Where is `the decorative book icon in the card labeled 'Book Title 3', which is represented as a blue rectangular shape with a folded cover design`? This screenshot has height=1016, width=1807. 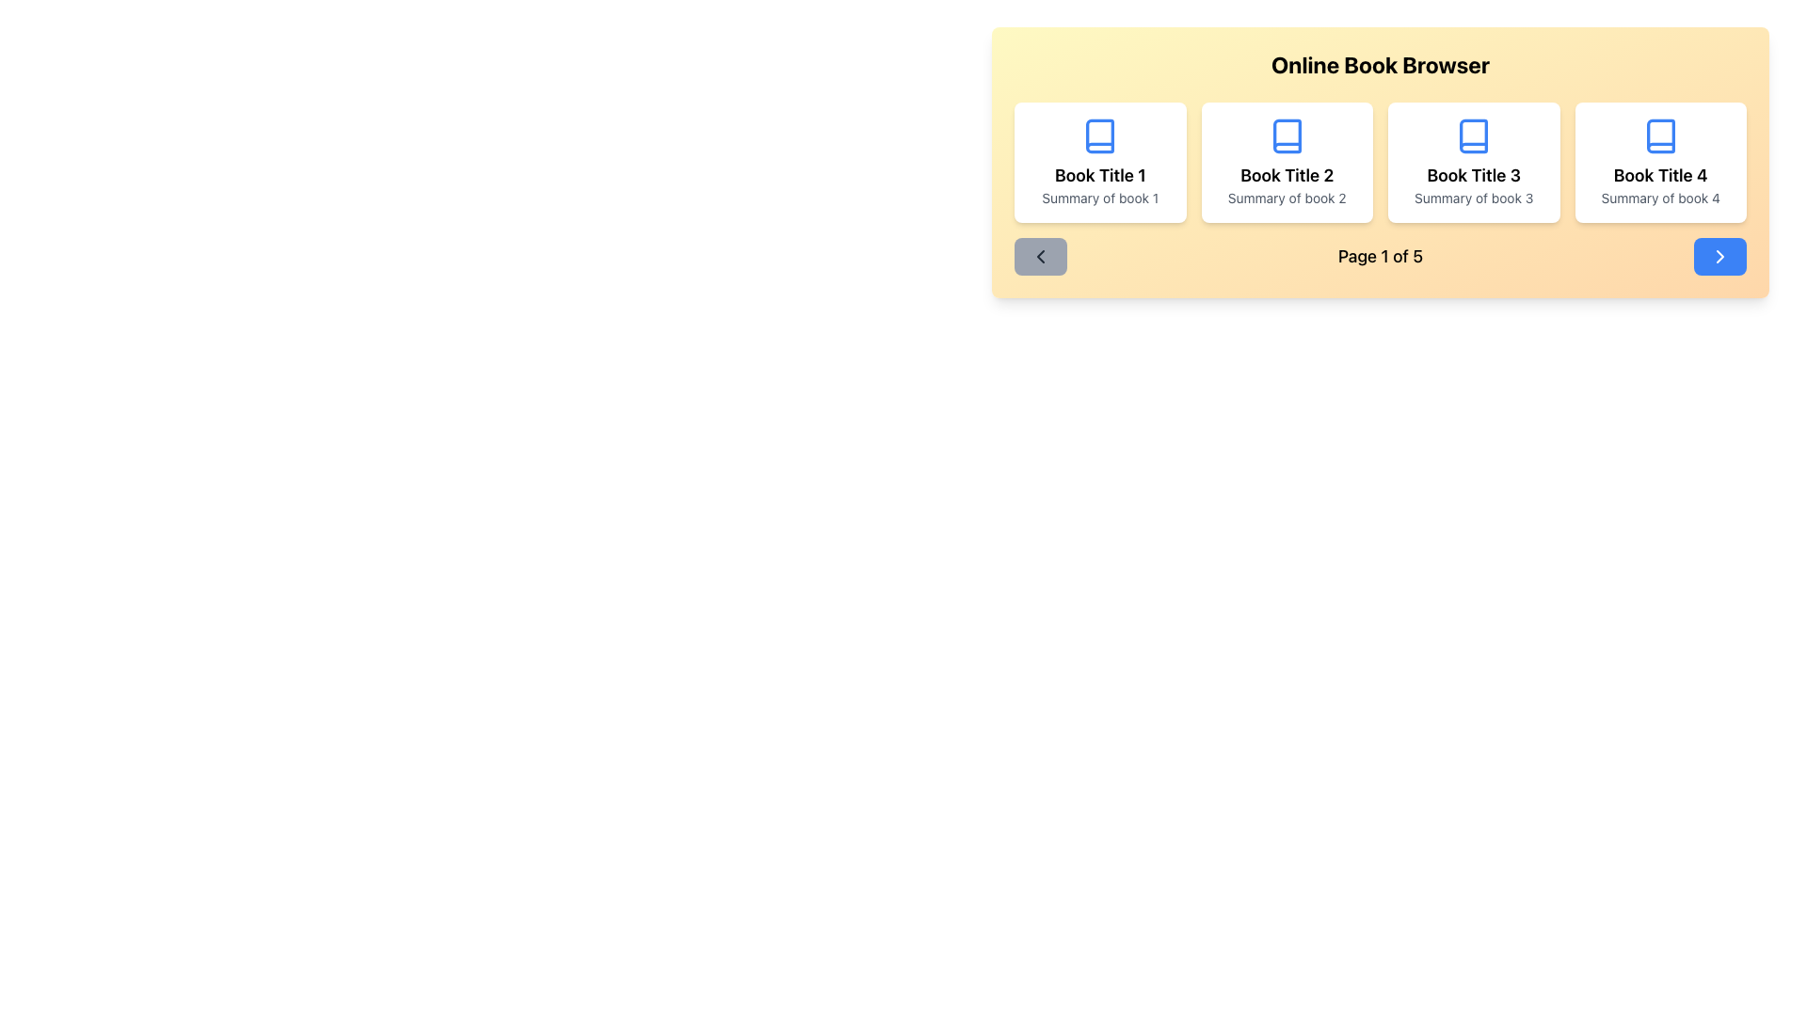 the decorative book icon in the card labeled 'Book Title 3', which is represented as a blue rectangular shape with a folded cover design is located at coordinates (1473, 135).